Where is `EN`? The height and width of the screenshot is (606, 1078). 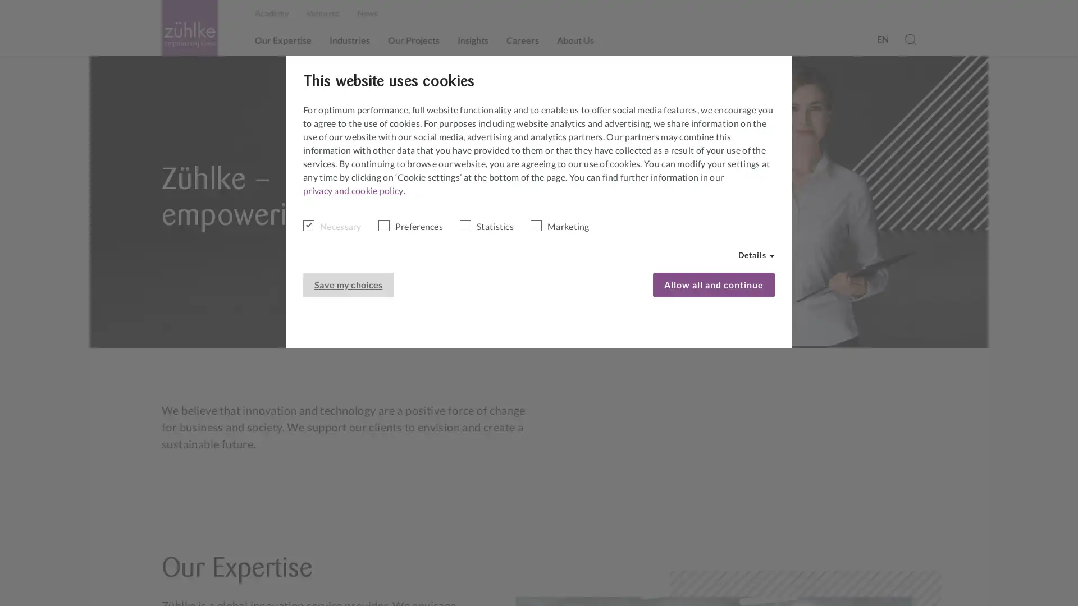 EN is located at coordinates (881, 38).